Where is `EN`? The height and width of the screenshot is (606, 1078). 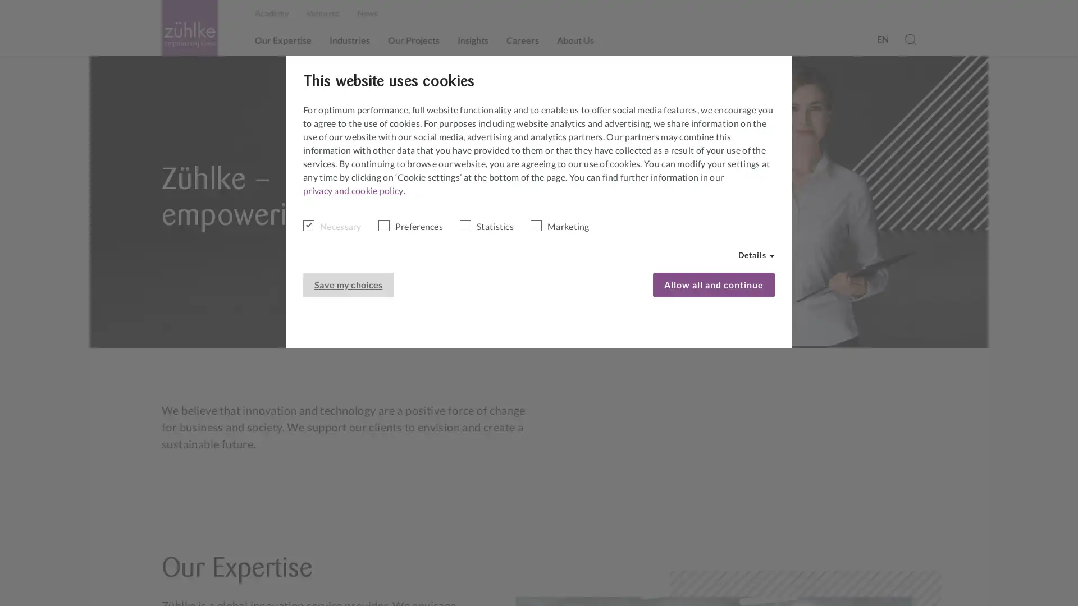 EN is located at coordinates (881, 38).